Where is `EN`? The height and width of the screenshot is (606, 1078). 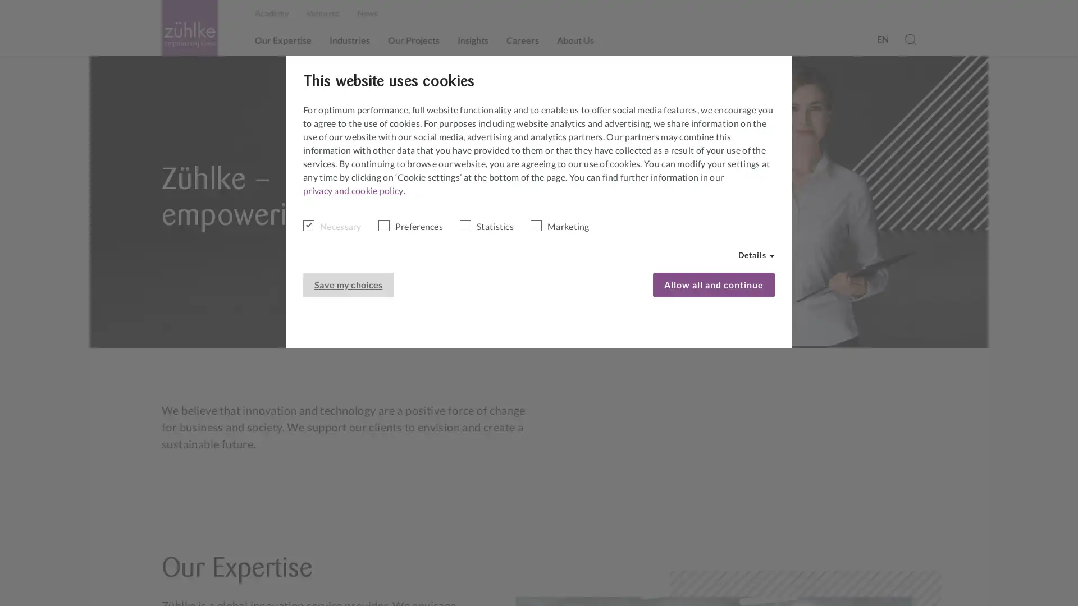 EN is located at coordinates (881, 38).